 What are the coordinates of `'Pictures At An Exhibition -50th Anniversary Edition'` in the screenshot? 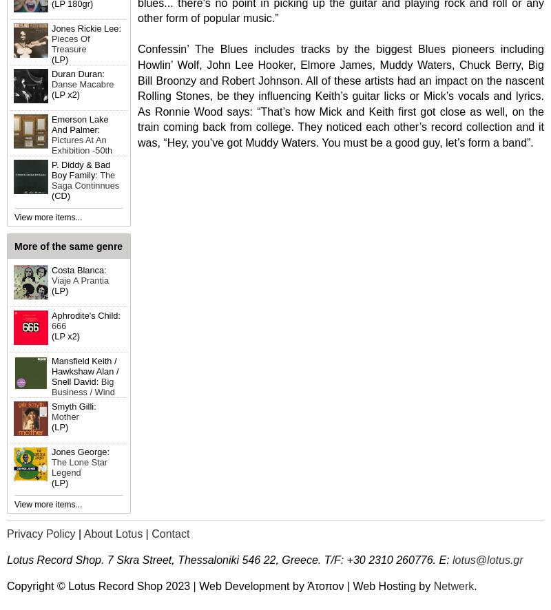 It's located at (81, 155).